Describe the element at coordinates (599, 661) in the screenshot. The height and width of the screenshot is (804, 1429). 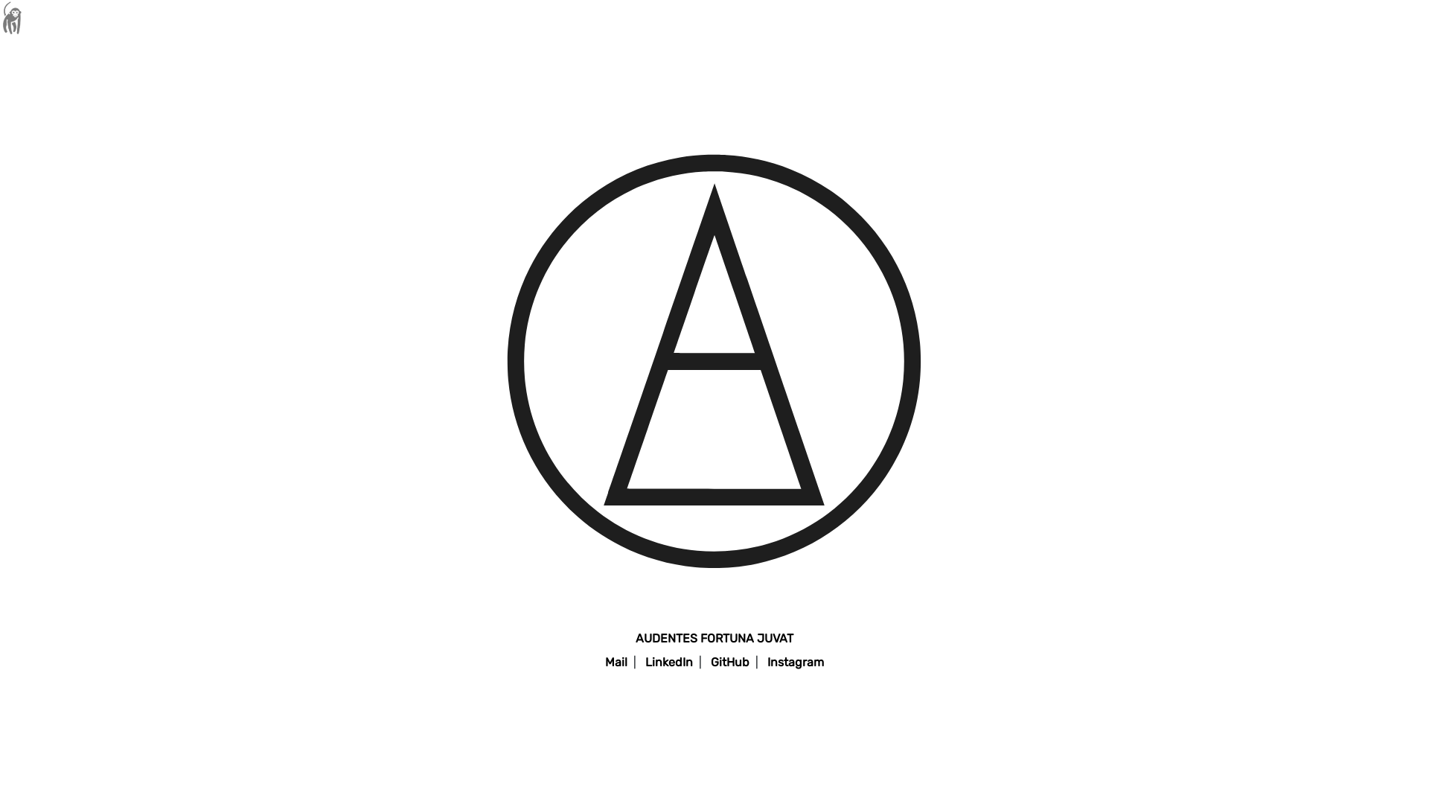
I see `'Mail'` at that location.